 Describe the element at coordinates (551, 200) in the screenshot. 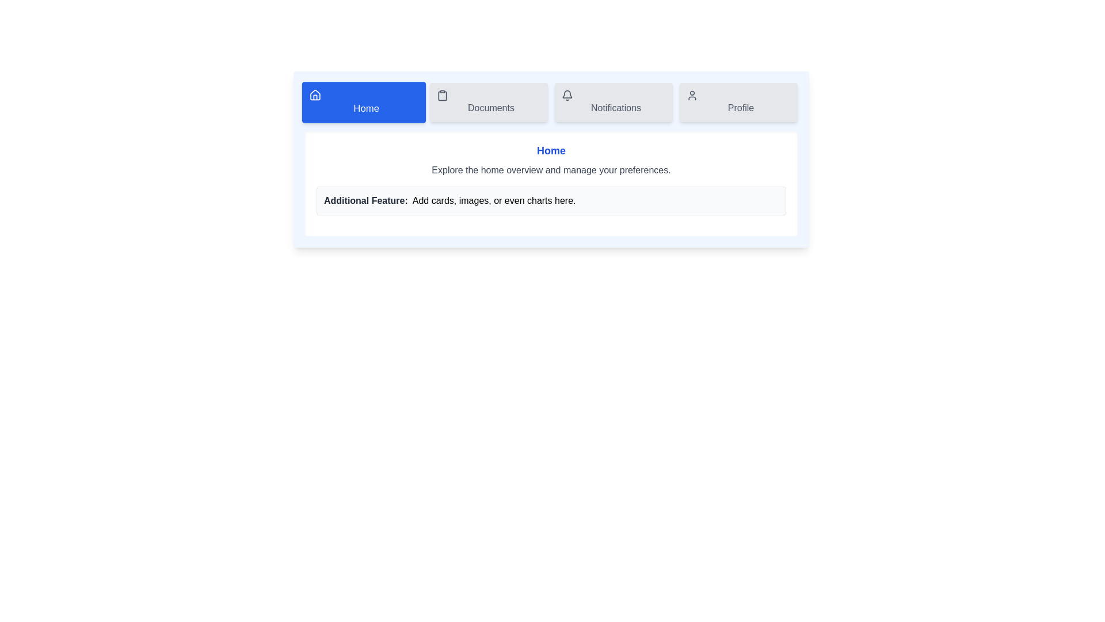

I see `the 'Additional Feature' section to interact with its content` at that location.